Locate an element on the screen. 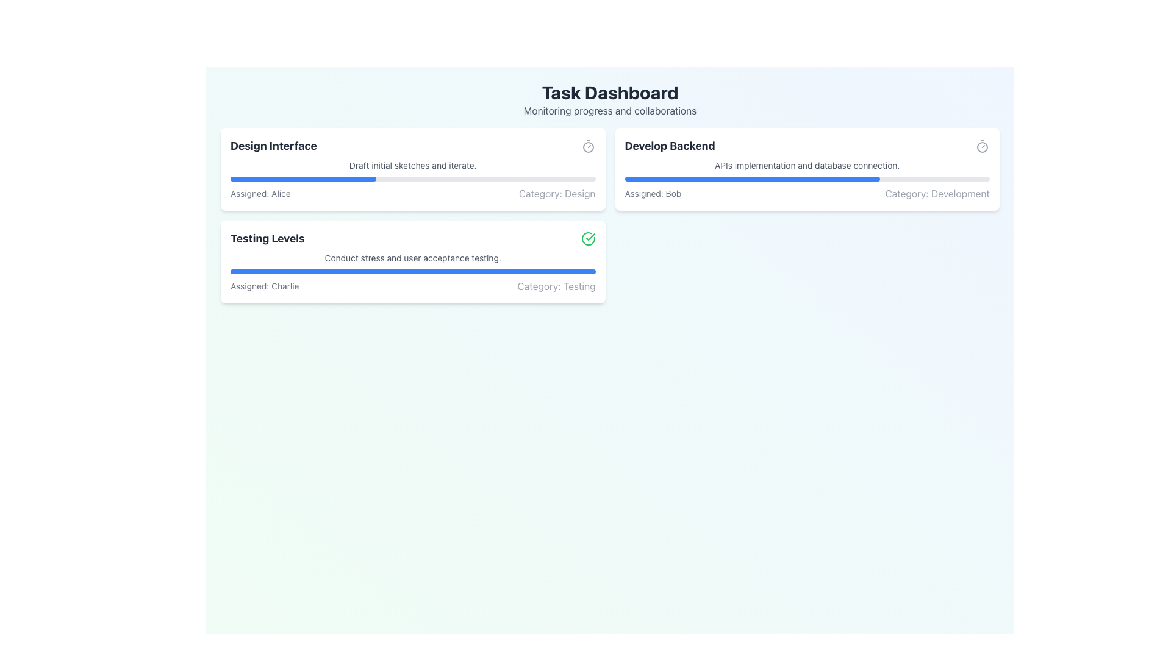 This screenshot has width=1171, height=658. text content of the label that displays 'Category: Development' located at the bottom-right corner of the 'Develop Backend' task card is located at coordinates (937, 193).